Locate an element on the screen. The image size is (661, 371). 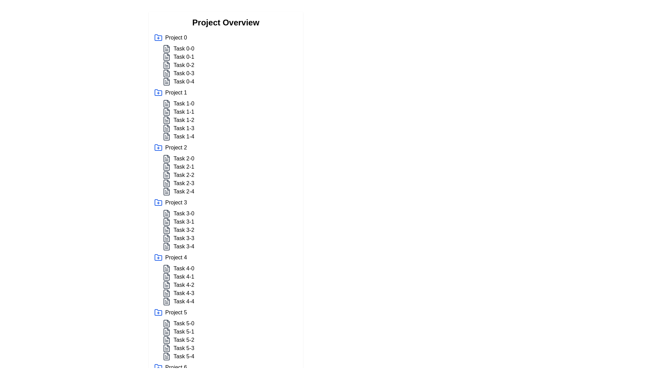
the text label displaying 'Task 2-0' in the 'Project 2' section of the 'Project Overview' list is located at coordinates (184, 159).